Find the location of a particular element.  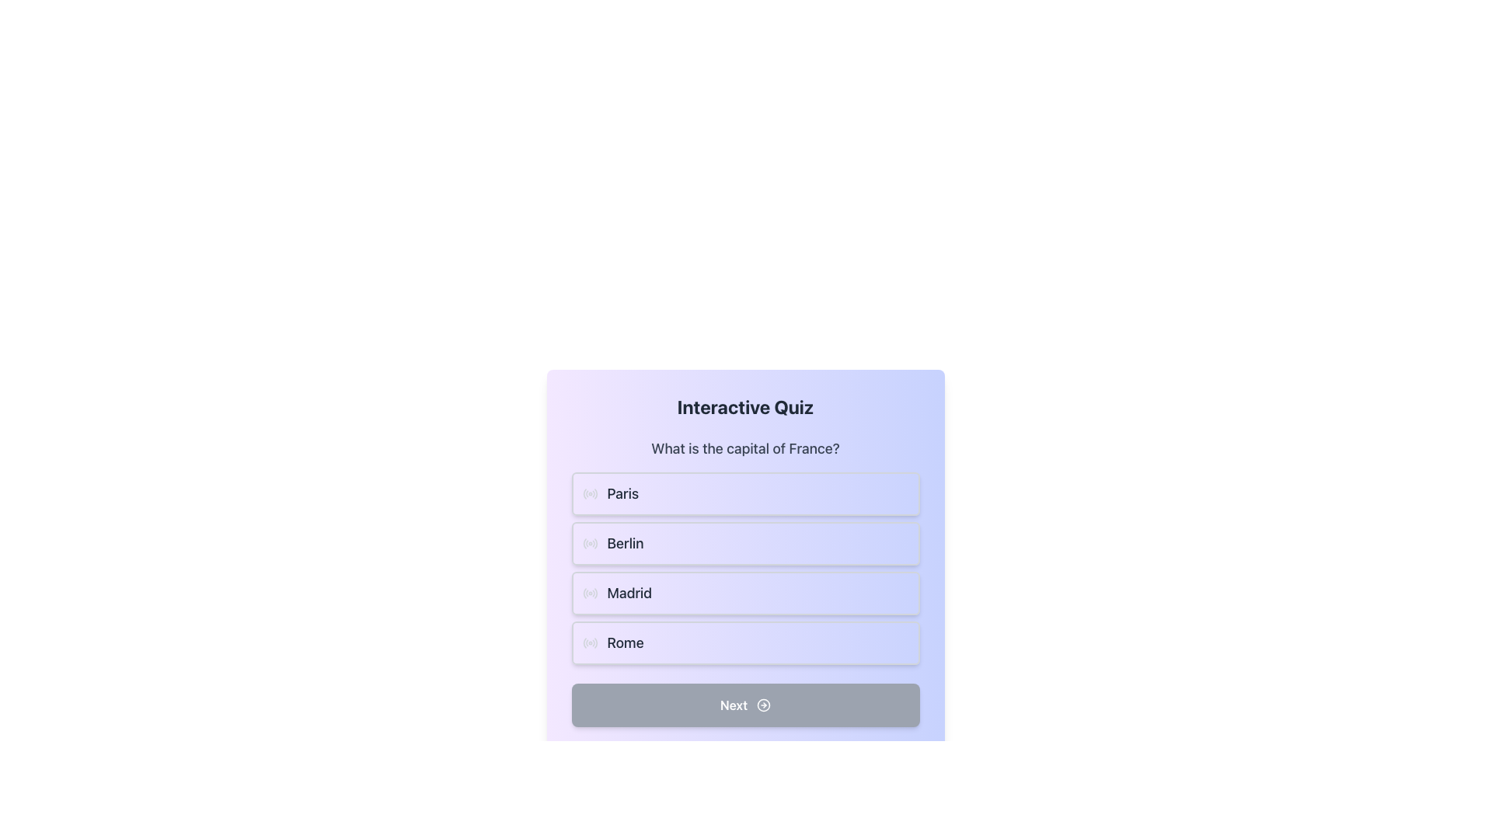

the third option button in the quiz answer choices is located at coordinates (744, 578).